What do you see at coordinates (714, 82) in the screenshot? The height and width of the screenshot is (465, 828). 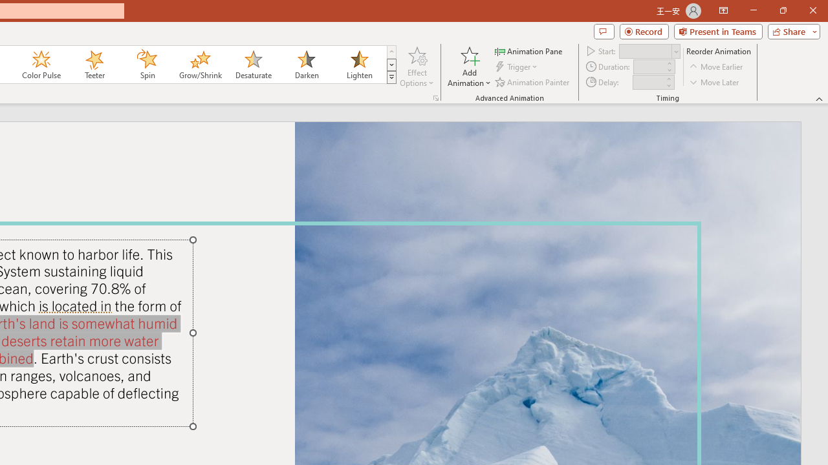 I see `'Move Later'` at bounding box center [714, 82].